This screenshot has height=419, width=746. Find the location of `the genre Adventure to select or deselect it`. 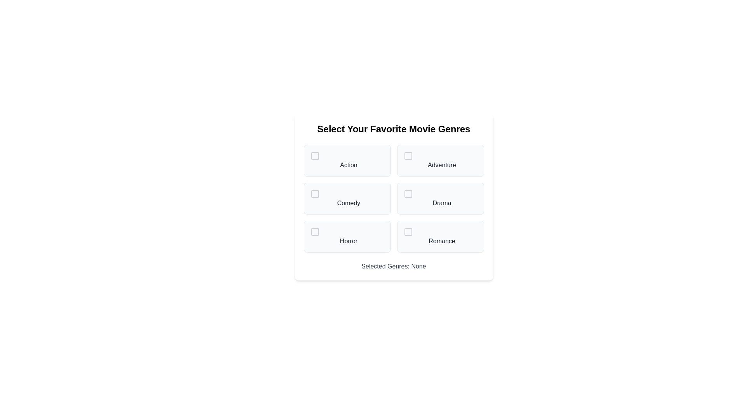

the genre Adventure to select or deselect it is located at coordinates (440, 160).